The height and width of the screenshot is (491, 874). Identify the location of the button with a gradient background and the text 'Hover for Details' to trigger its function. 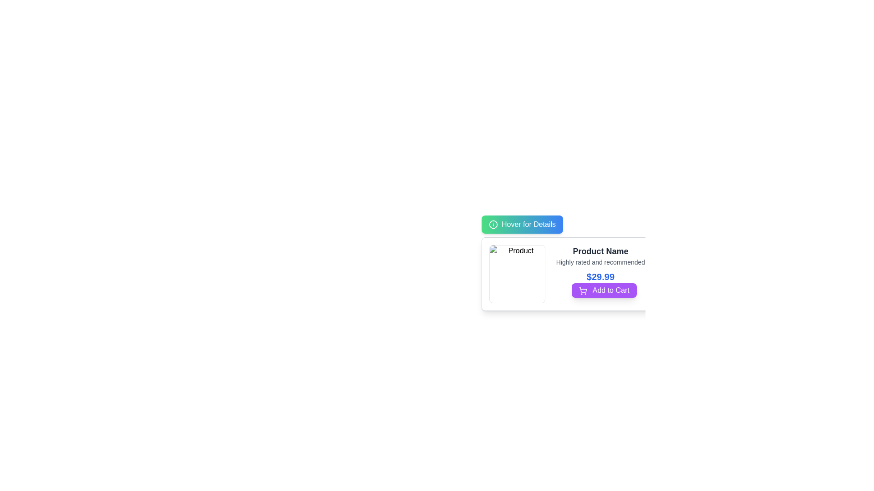
(522, 224).